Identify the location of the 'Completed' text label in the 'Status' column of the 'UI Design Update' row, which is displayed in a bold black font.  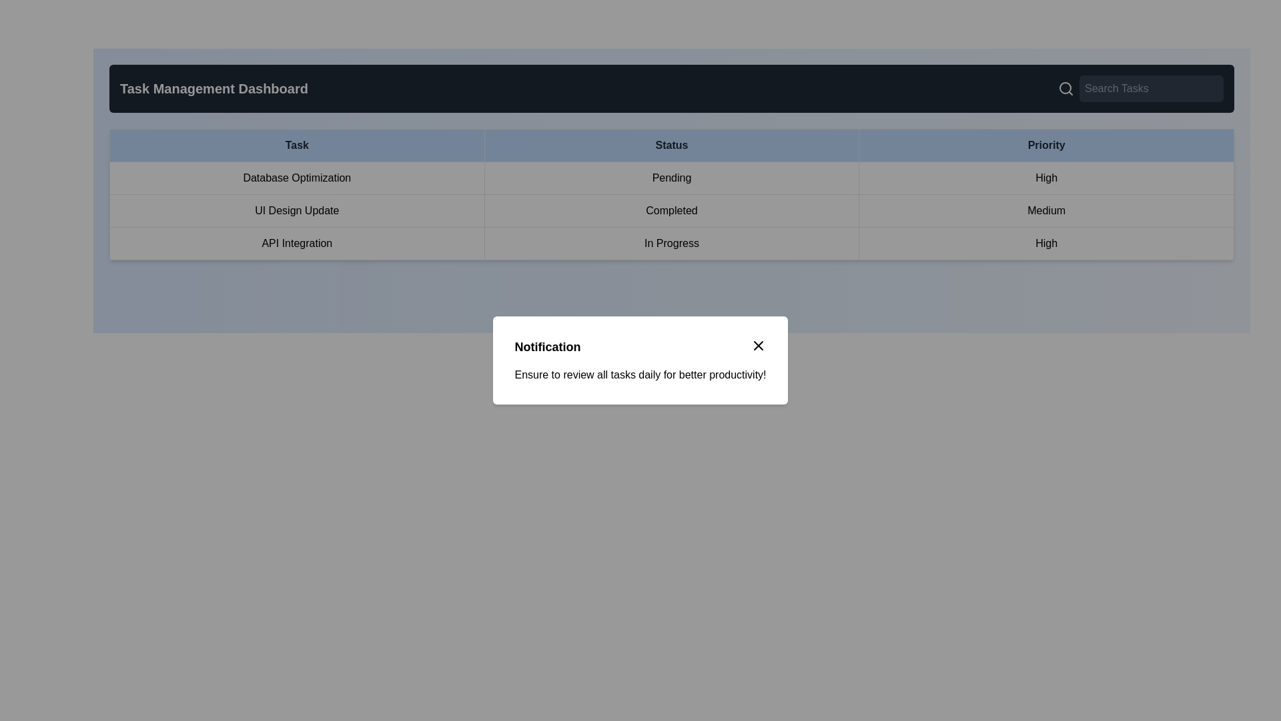
(672, 210).